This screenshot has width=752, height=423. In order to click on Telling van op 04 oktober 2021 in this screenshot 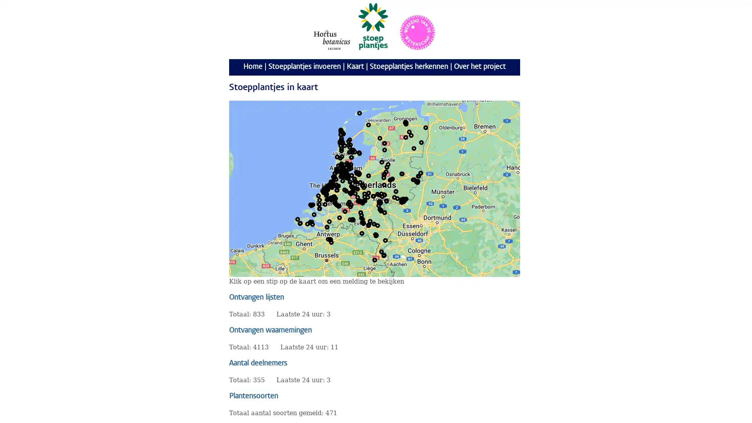, I will do `click(358, 173)`.